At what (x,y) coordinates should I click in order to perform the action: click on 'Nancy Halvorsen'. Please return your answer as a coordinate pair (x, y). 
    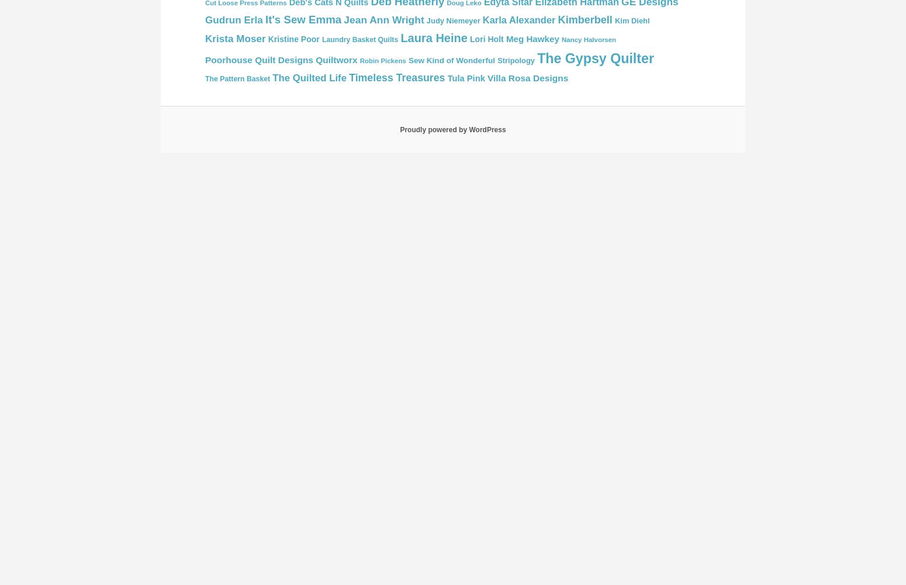
    Looking at the image, I should click on (561, 39).